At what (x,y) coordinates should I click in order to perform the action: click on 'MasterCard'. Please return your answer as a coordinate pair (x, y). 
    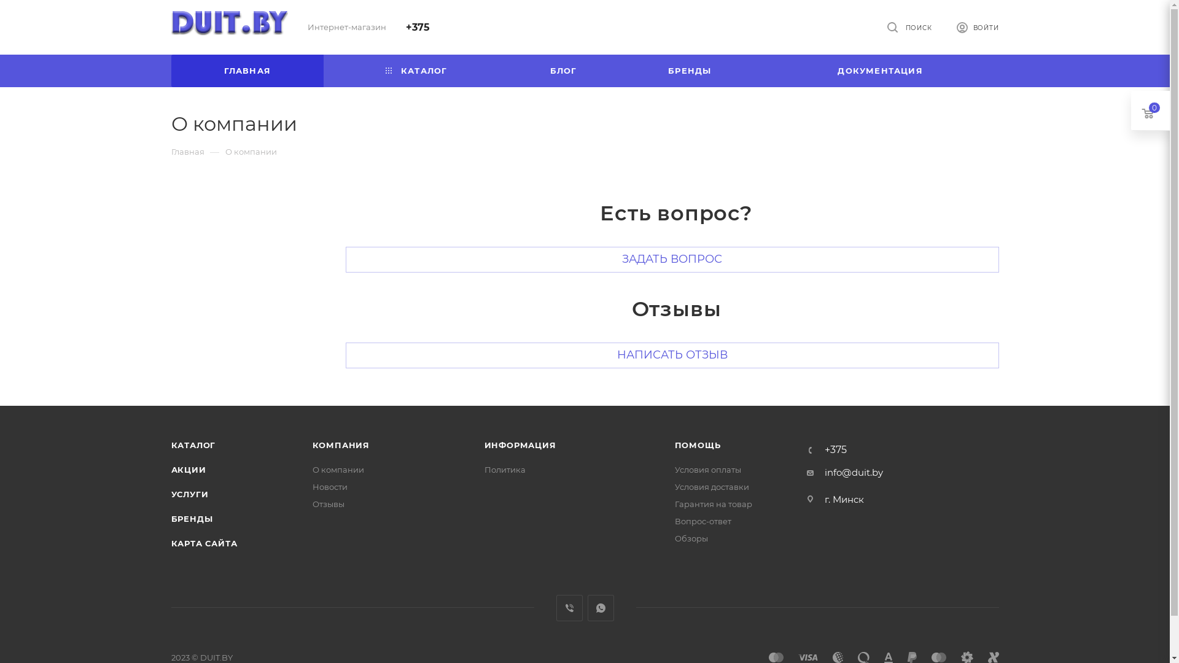
    Looking at the image, I should click on (775, 657).